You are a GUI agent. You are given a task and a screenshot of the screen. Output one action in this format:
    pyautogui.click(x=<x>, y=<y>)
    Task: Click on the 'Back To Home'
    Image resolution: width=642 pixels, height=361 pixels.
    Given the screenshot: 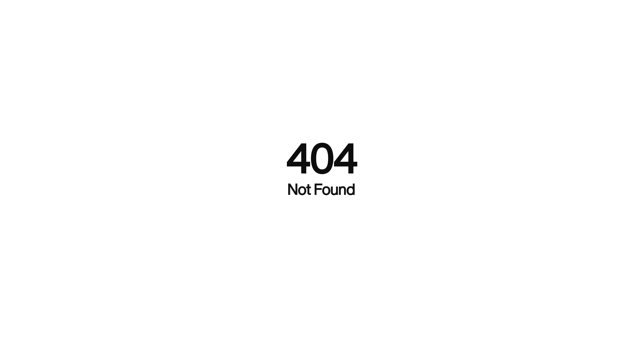 What is the action you would take?
    pyautogui.click(x=321, y=216)
    